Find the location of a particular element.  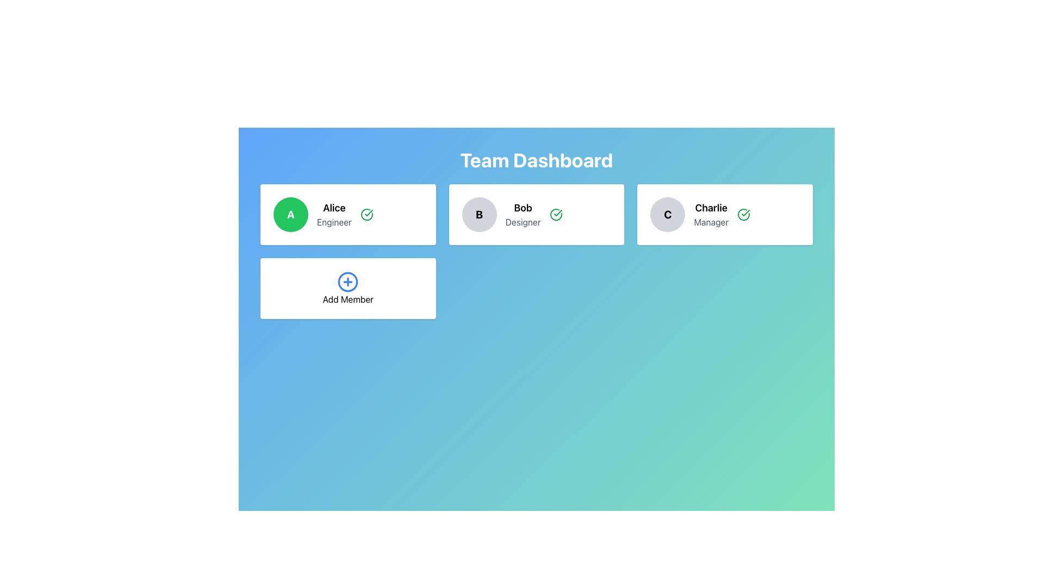

the circular Avatar element with a gray background and the letter 'C' for the user 'Charlie' in the profile block is located at coordinates (667, 214).